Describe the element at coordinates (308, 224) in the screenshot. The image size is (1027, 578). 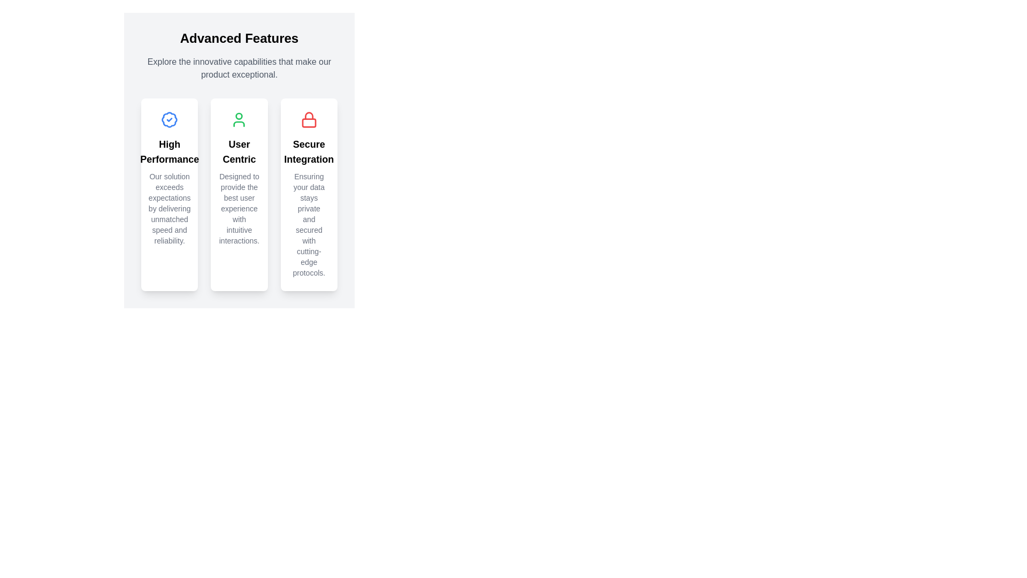
I see `static informational text that says 'Ensuring your data stays private and secured with cutting-edge protocols.' located below the 'Secure Integration' title in the rightmost card of the feature cards` at that location.